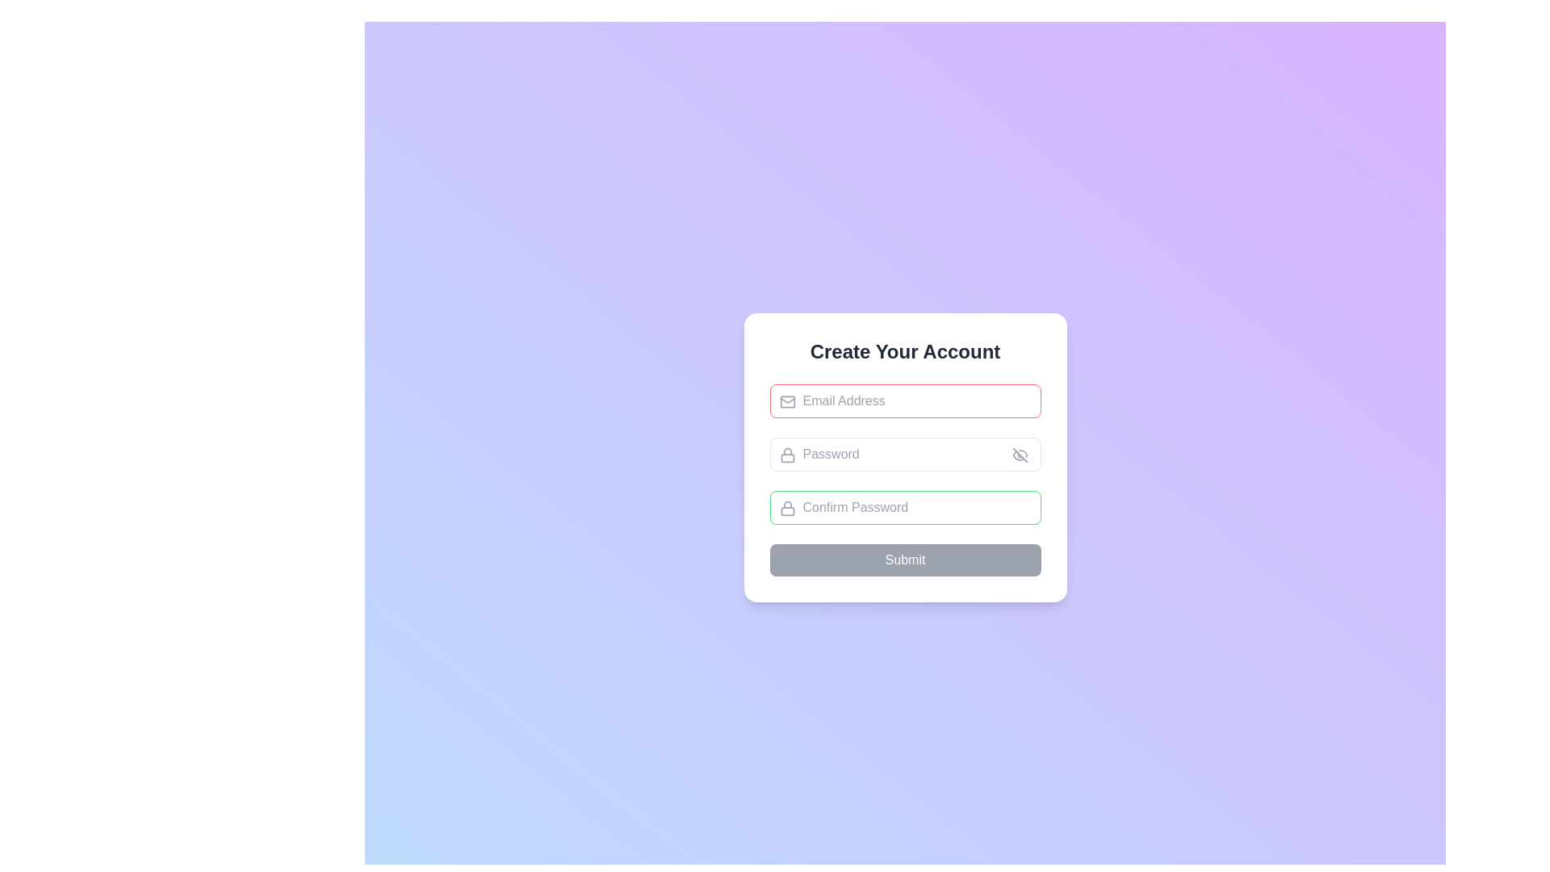 Image resolution: width=1550 pixels, height=872 pixels. What do you see at coordinates (787, 400) in the screenshot?
I see `the icon indicating the purpose of the email input field, located on the left side of the email address input box` at bounding box center [787, 400].